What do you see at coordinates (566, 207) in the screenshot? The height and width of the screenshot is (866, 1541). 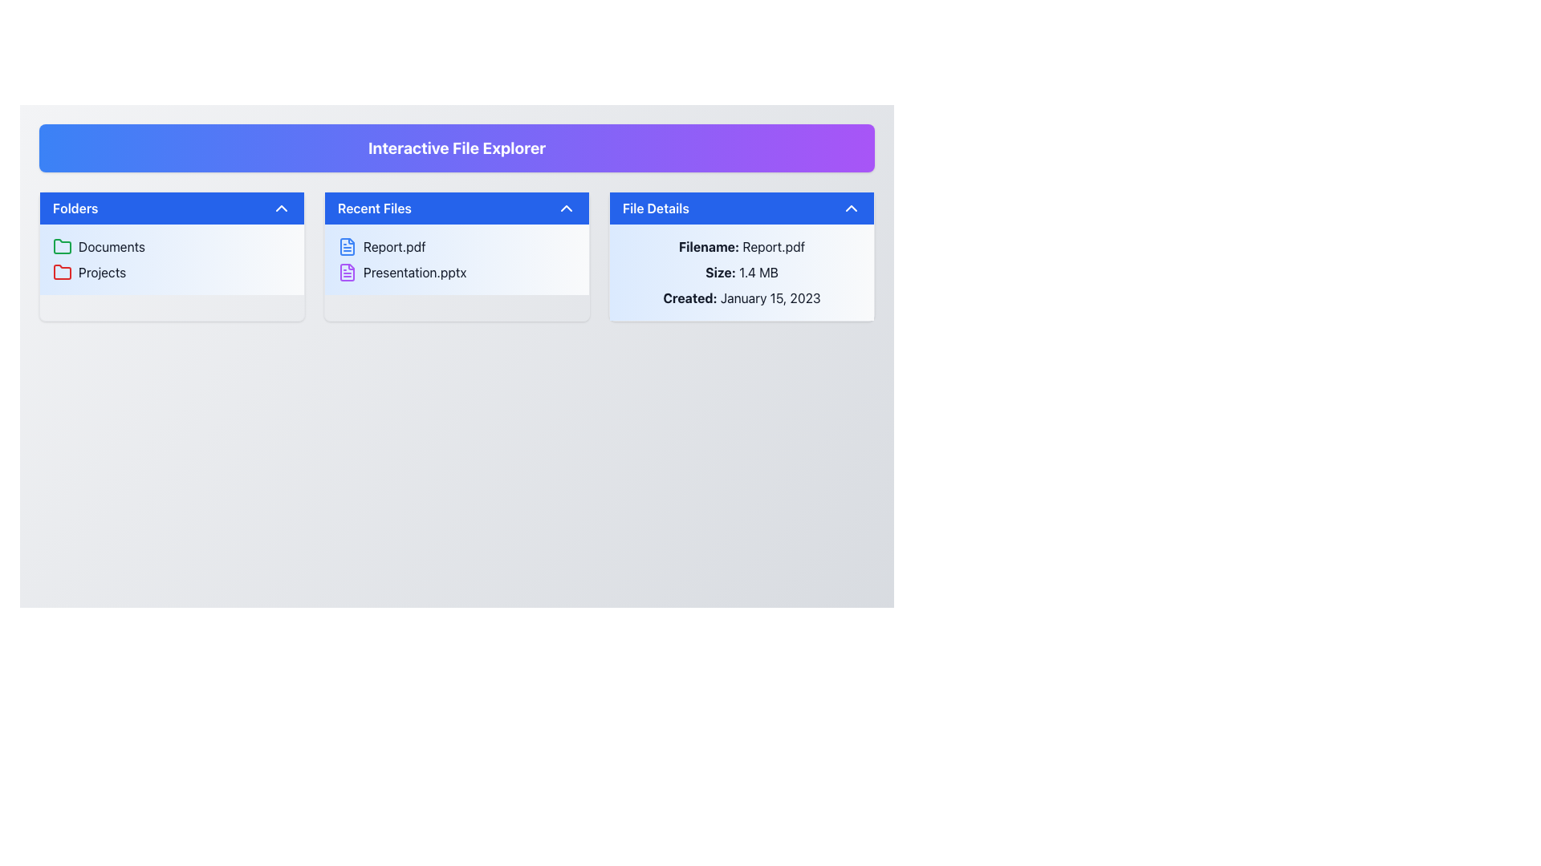 I see `the small upward-pointing chevron icon located to the right of the 'Recent Files' title in the blue header section` at bounding box center [566, 207].